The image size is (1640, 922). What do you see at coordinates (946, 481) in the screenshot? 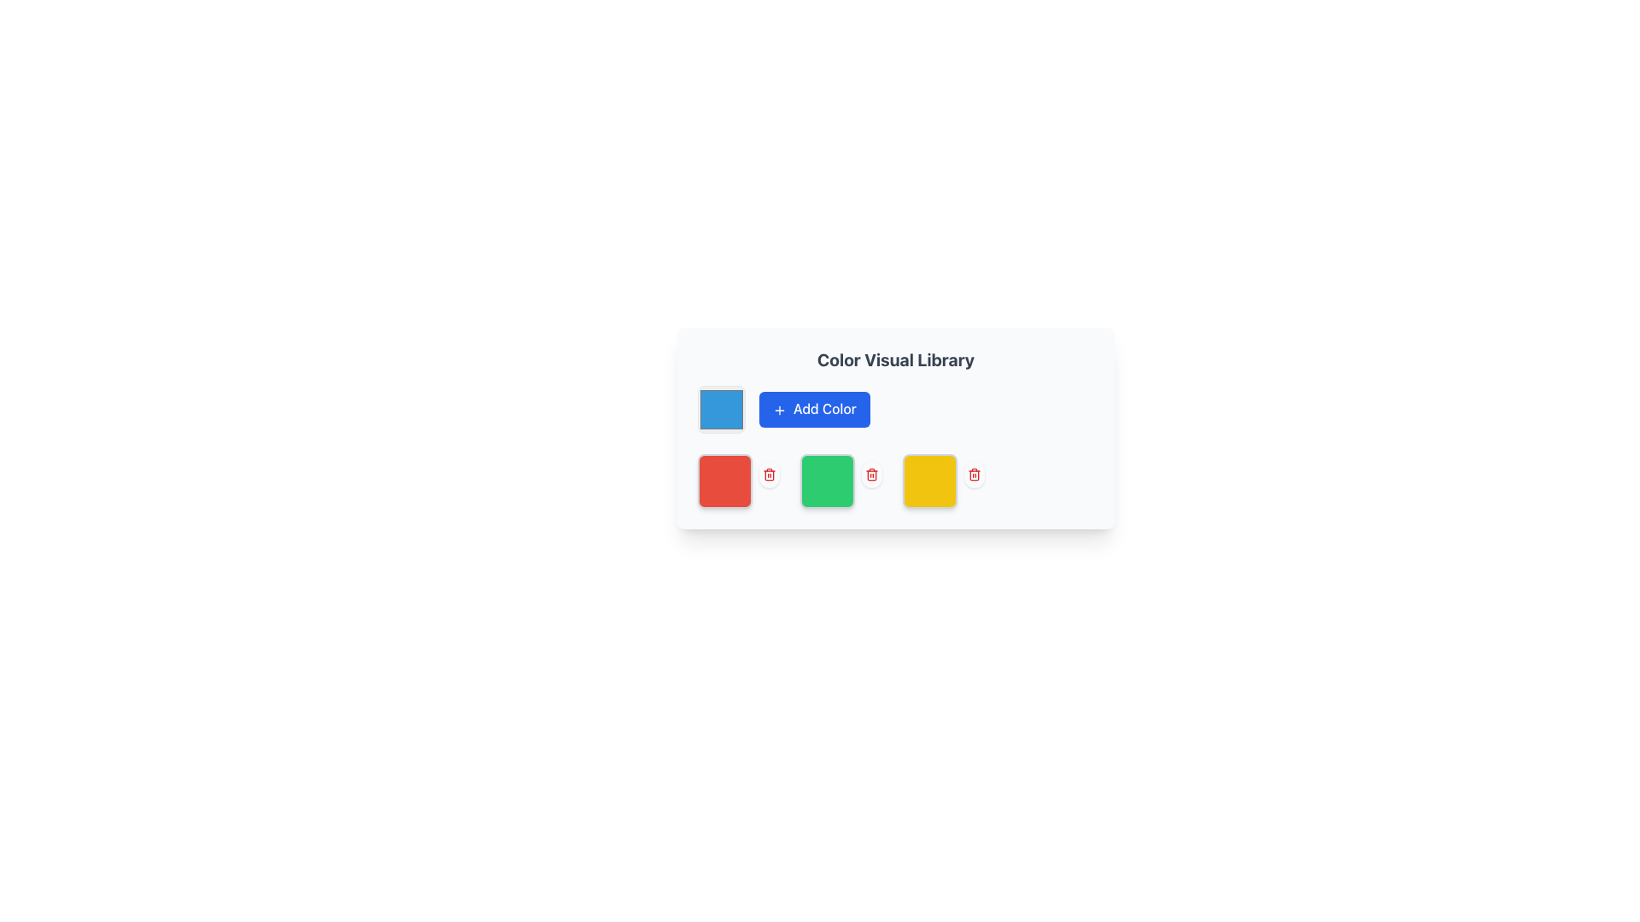
I see `the yellow square colored display box in the grid layout` at bounding box center [946, 481].